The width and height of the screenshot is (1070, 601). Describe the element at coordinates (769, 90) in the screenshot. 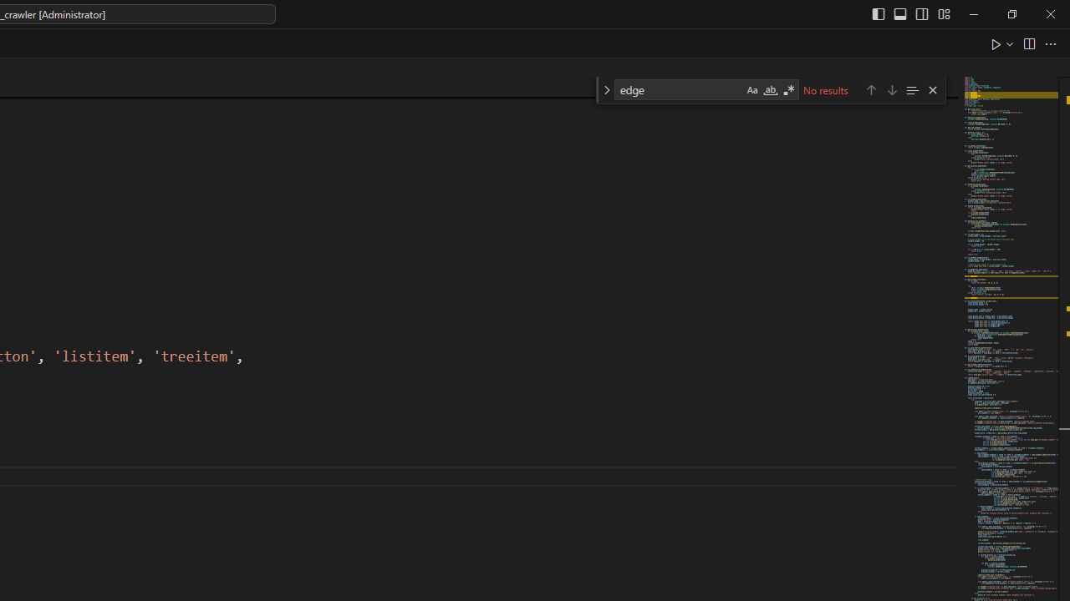

I see `'Match Whole Word (Alt+W)'` at that location.